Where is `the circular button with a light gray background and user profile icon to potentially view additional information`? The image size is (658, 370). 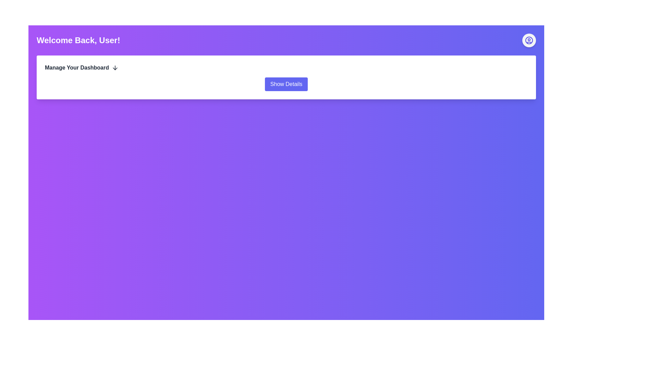 the circular button with a light gray background and user profile icon to potentially view additional information is located at coordinates (529, 40).